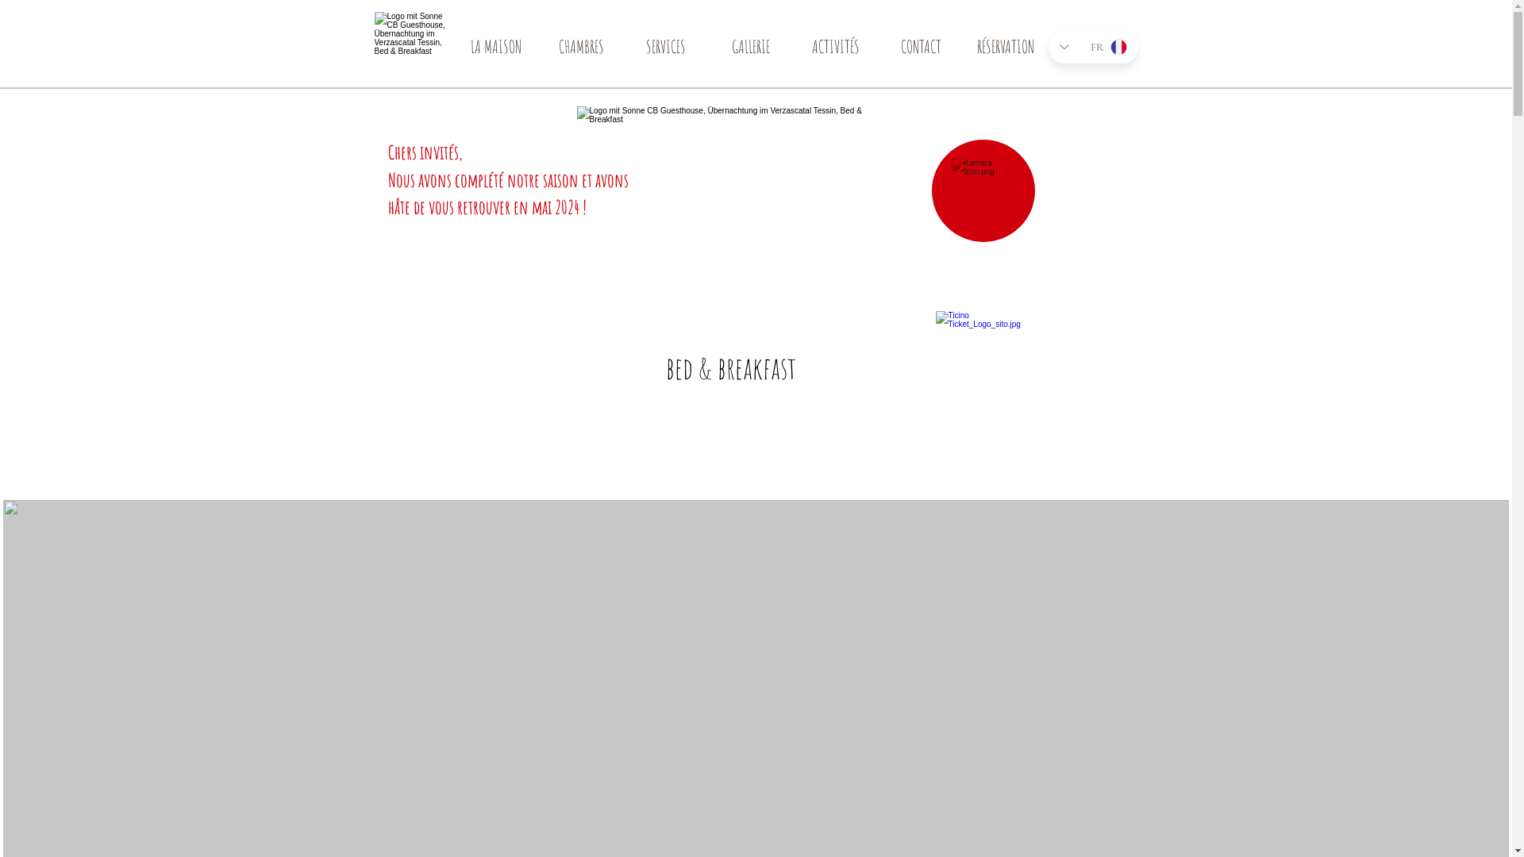  I want to click on 'LA MAISON', so click(495, 51).